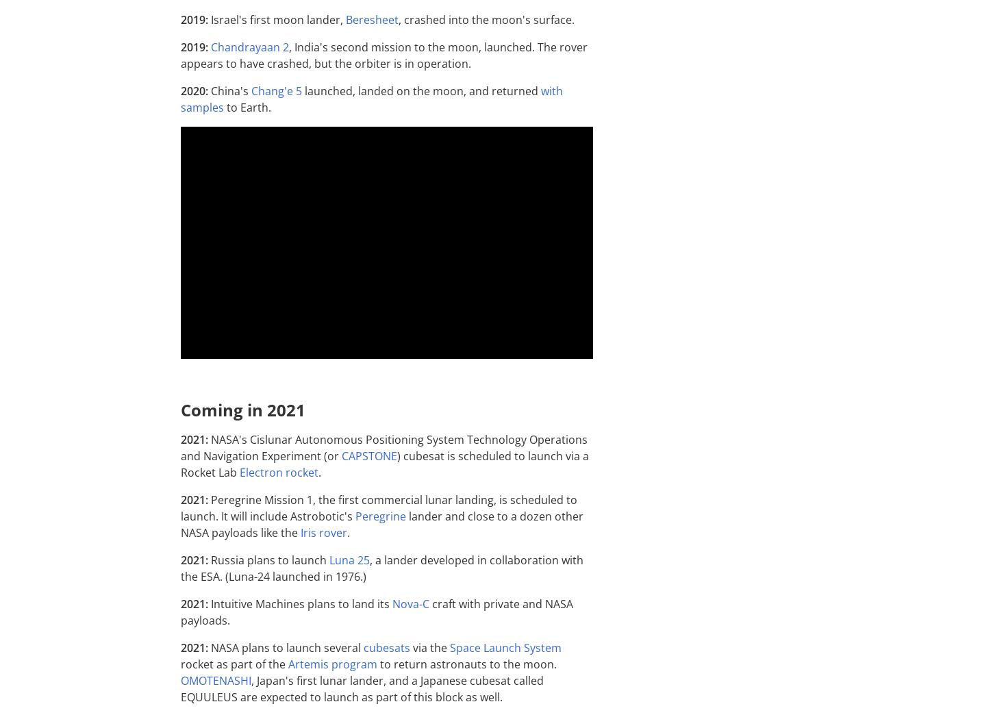  What do you see at coordinates (377, 612) in the screenshot?
I see `'craft with private and NASA payloads.'` at bounding box center [377, 612].